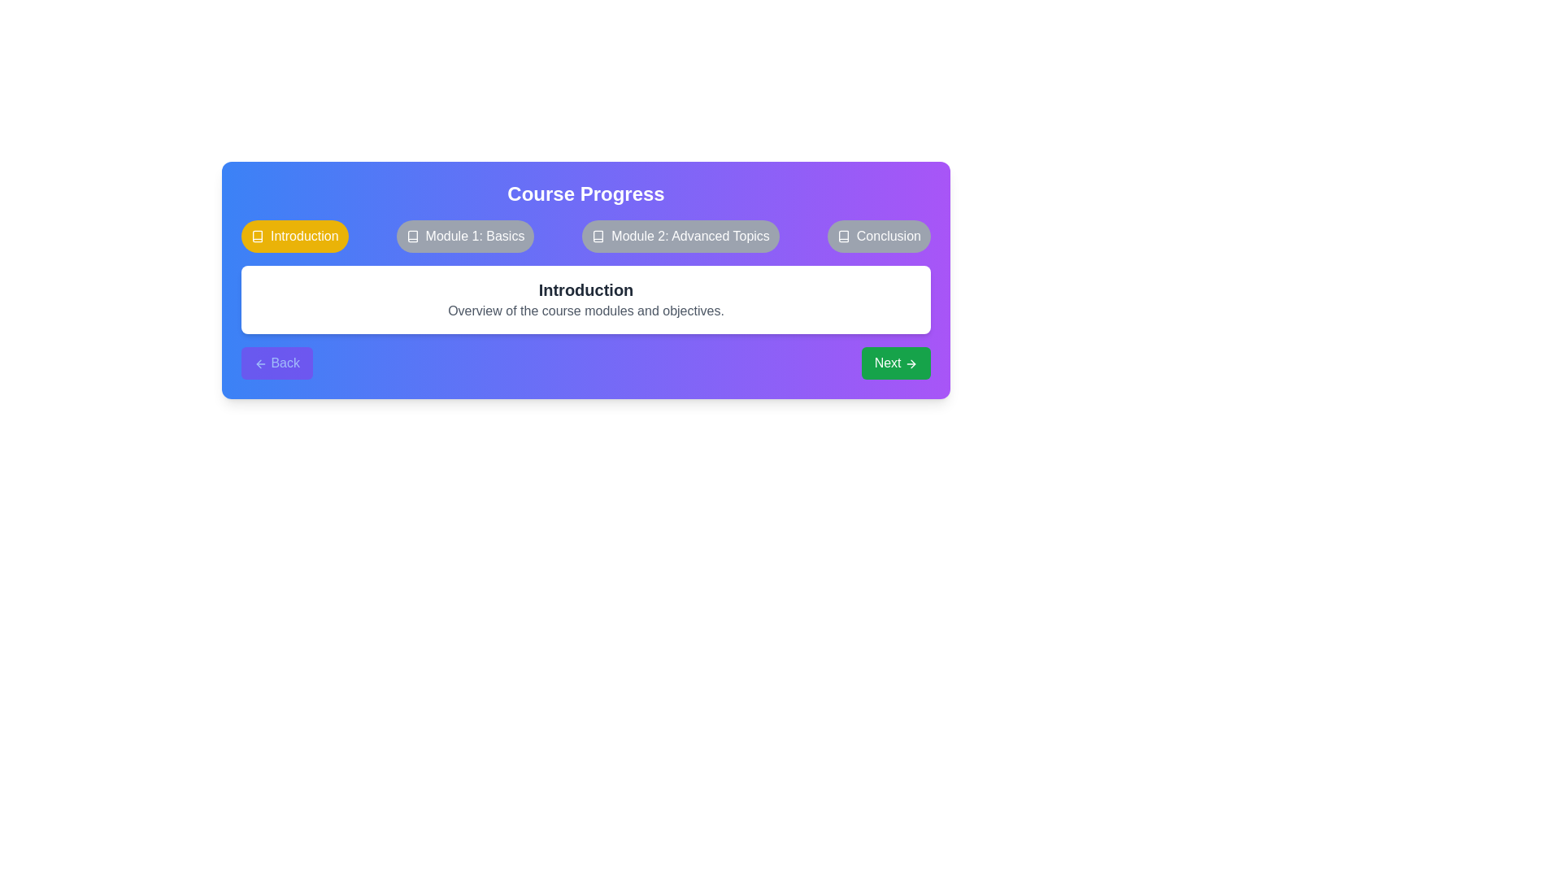 This screenshot has width=1561, height=878. Describe the element at coordinates (464, 236) in the screenshot. I see `the course step Module 1: Basics by clicking on its associated button` at that location.